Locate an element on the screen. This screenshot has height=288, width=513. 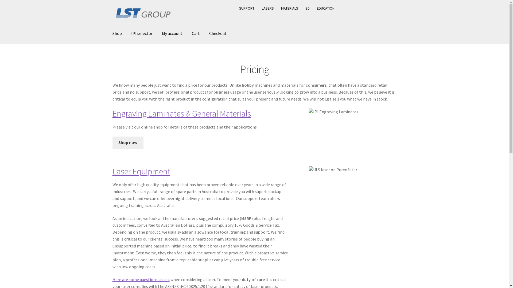
'MATERIALS' is located at coordinates (289, 8).